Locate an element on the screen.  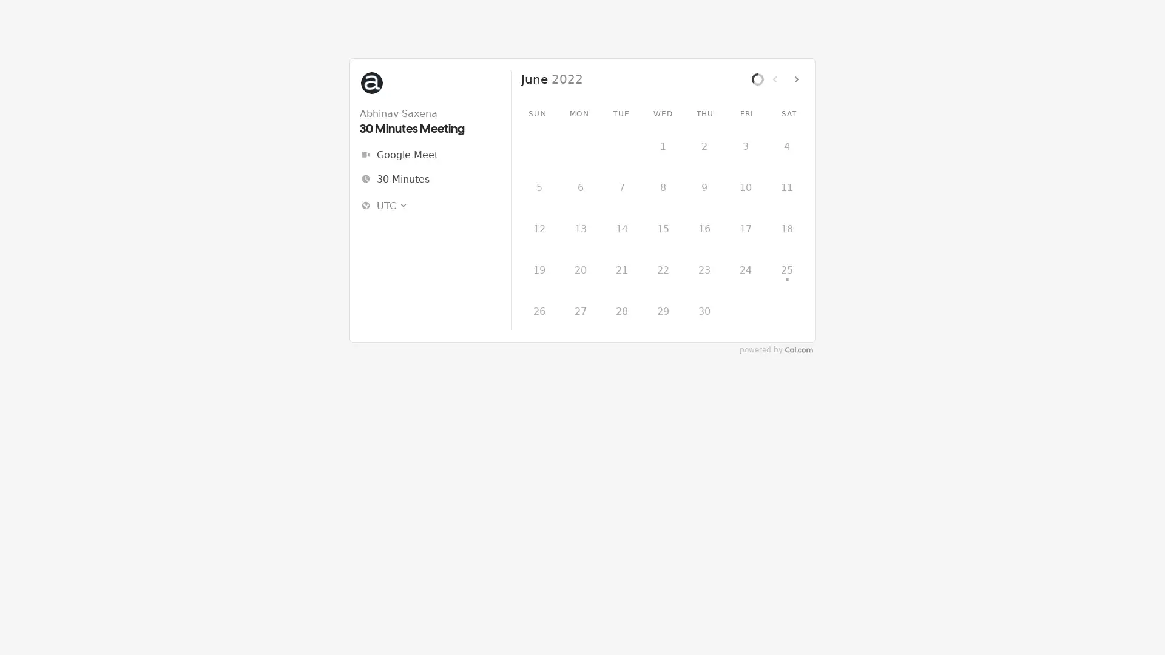
15 is located at coordinates (663, 229).